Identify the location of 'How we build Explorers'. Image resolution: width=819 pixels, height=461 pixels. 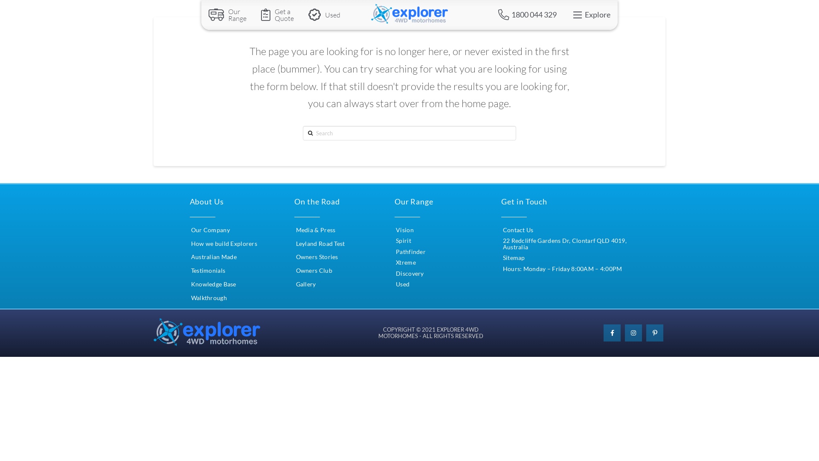
(224, 244).